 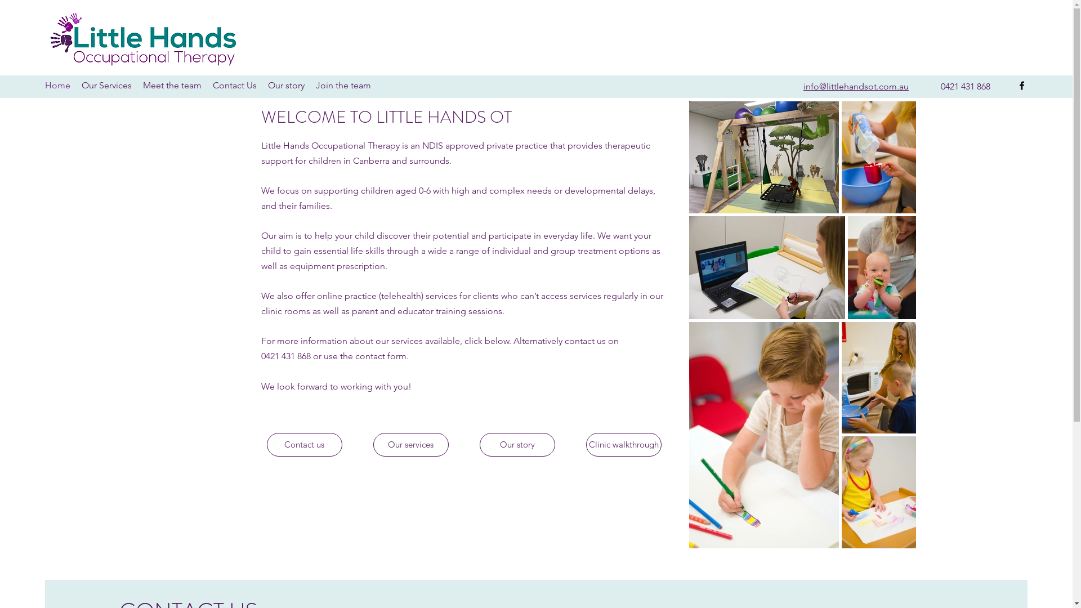 What do you see at coordinates (172, 84) in the screenshot?
I see `'Meet the team'` at bounding box center [172, 84].